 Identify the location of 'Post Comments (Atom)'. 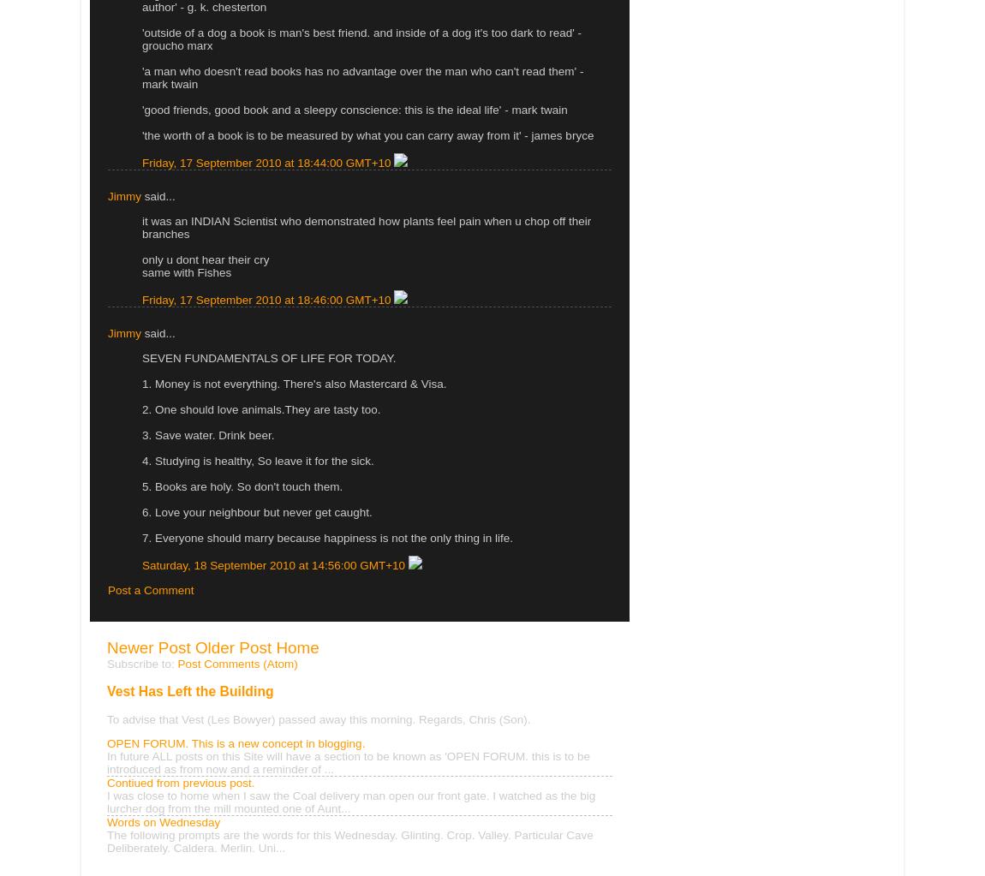
(236, 663).